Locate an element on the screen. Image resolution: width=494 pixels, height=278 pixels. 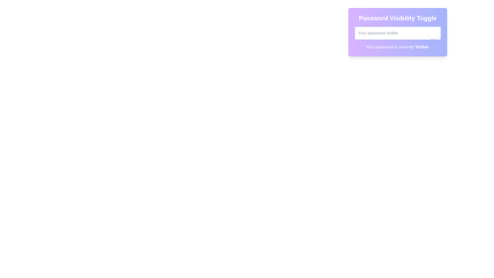
the visibility toggle button to switch the password field type is located at coordinates (433, 34).